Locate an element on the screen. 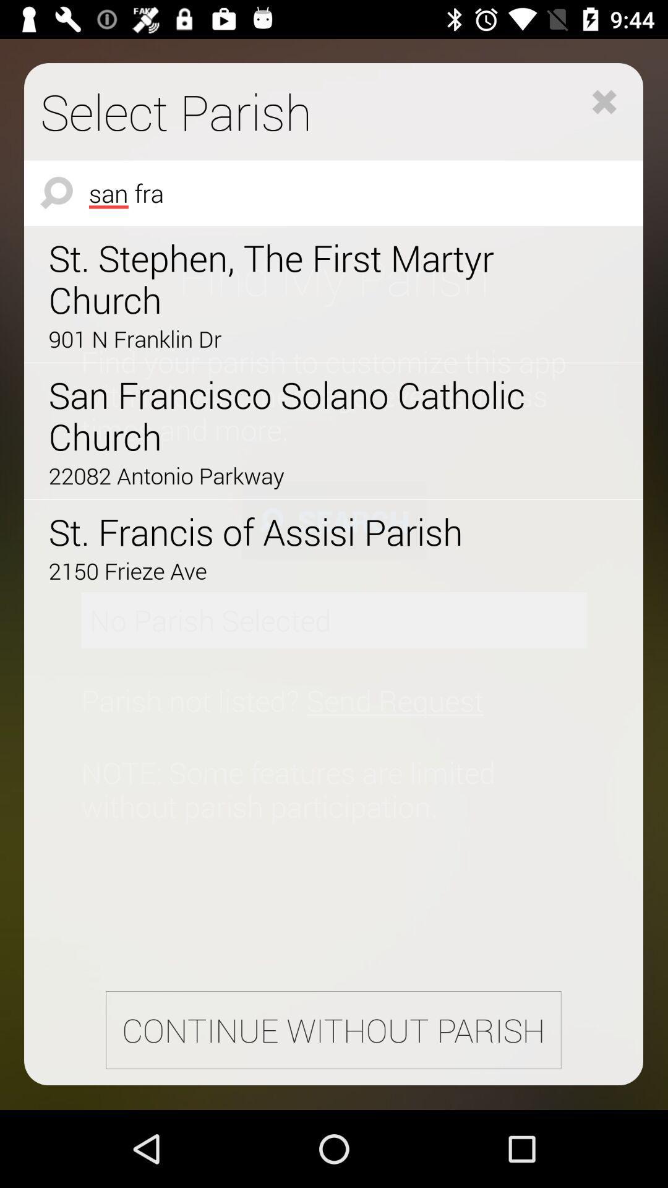  item below 2150 frieze ave icon is located at coordinates (333, 1030).